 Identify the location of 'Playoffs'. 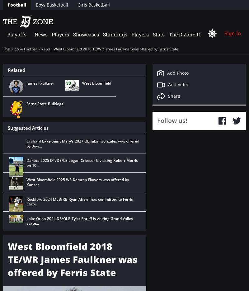
(16, 34).